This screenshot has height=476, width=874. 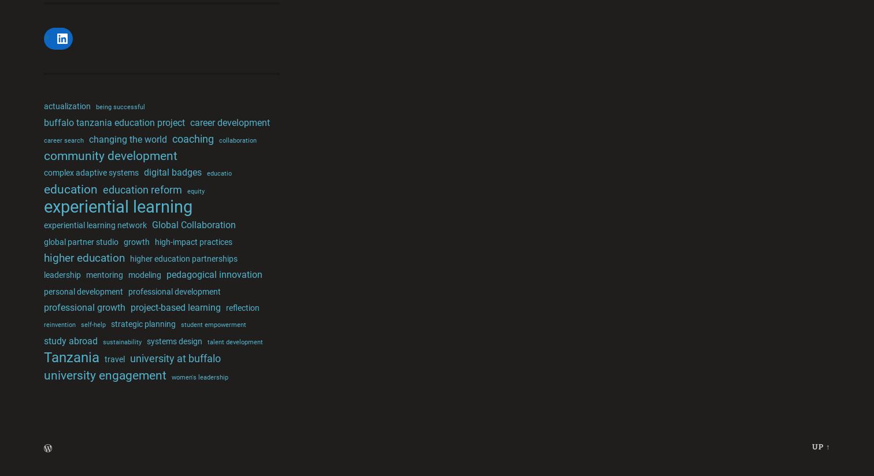 I want to click on 'professional development', so click(x=128, y=291).